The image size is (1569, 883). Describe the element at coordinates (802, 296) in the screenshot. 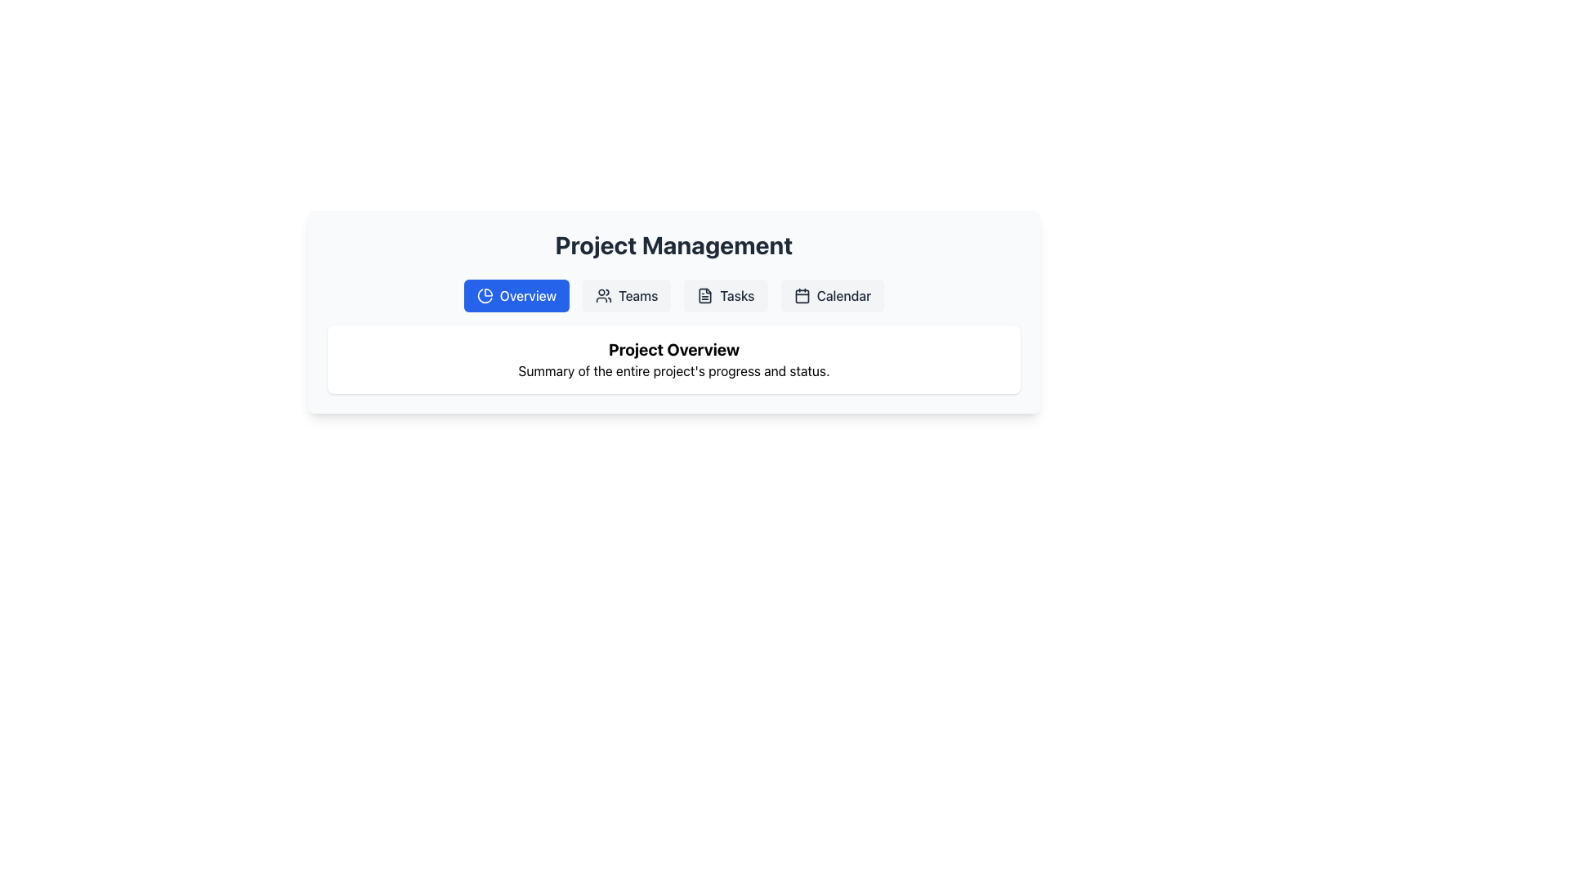

I see `the calendar icon component, which is a rounded rectangular box with a calendar graphical representation, located within the button labeled 'Calendar' in the navigation bar` at that location.